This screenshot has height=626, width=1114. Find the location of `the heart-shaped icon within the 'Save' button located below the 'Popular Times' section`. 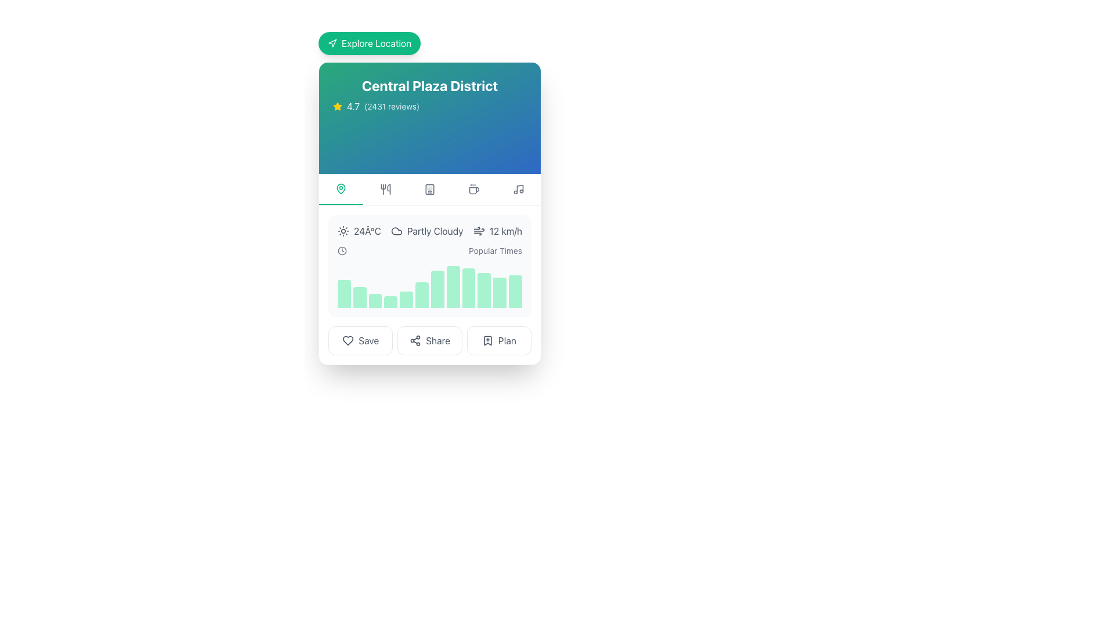

the heart-shaped icon within the 'Save' button located below the 'Popular Times' section is located at coordinates (348, 340).